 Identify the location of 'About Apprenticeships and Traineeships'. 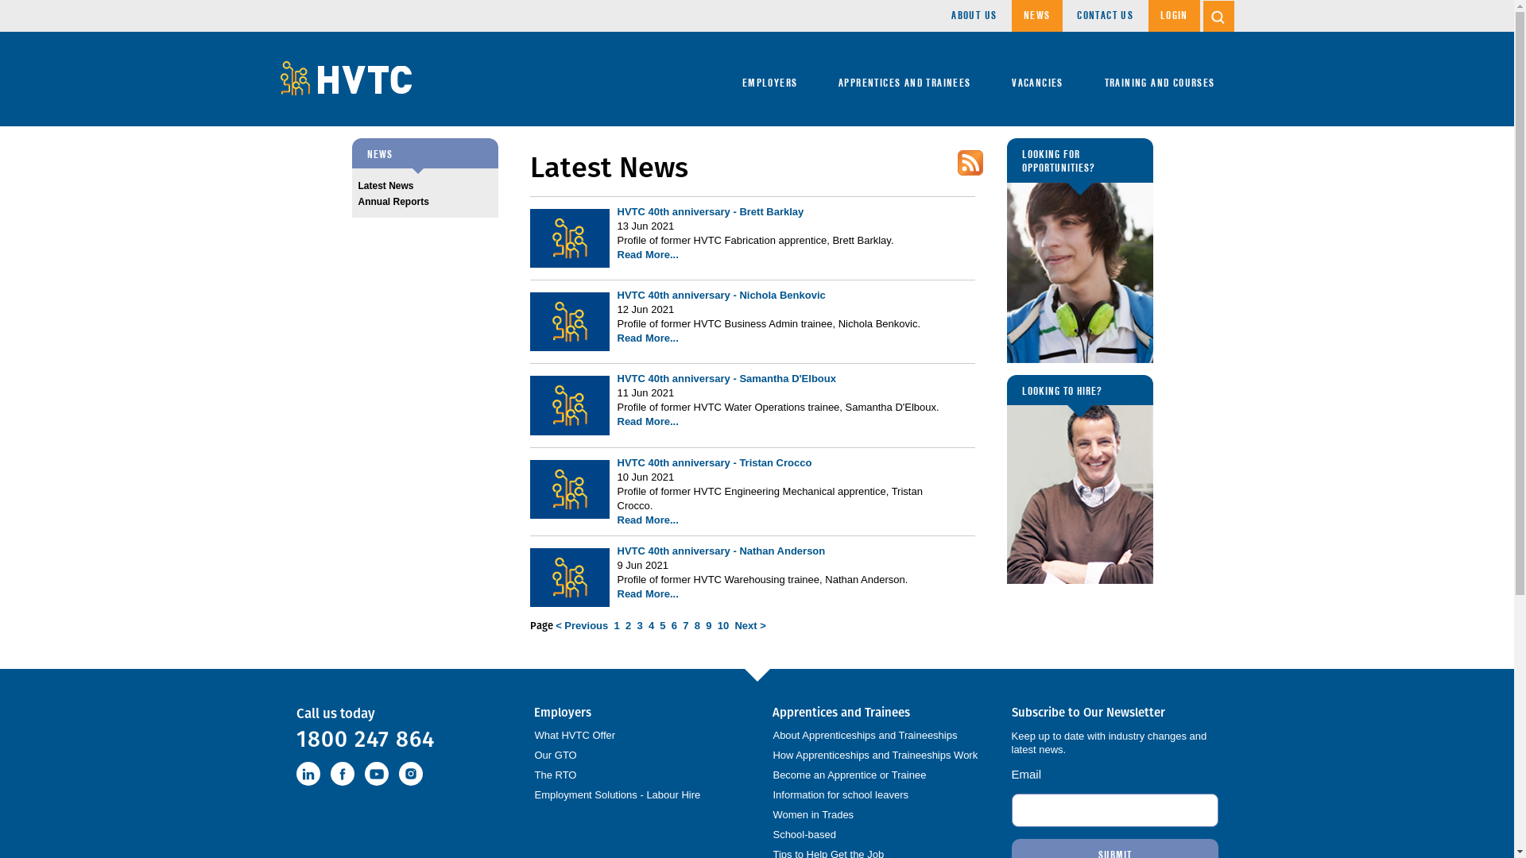
(864, 735).